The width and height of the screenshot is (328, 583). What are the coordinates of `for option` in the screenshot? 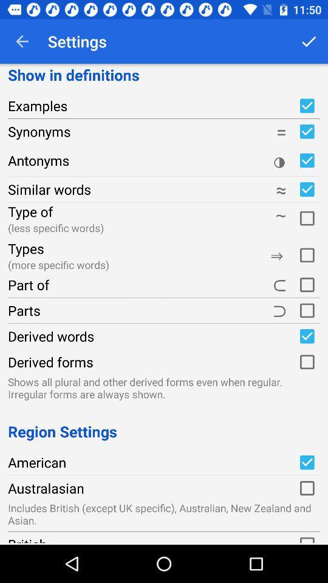 It's located at (306, 217).